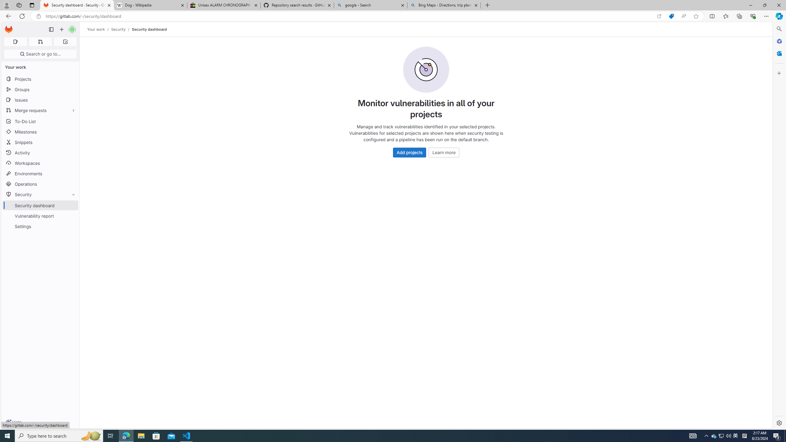 The height and width of the screenshot is (442, 786). Describe the element at coordinates (38, 16) in the screenshot. I see `'View site information'` at that location.